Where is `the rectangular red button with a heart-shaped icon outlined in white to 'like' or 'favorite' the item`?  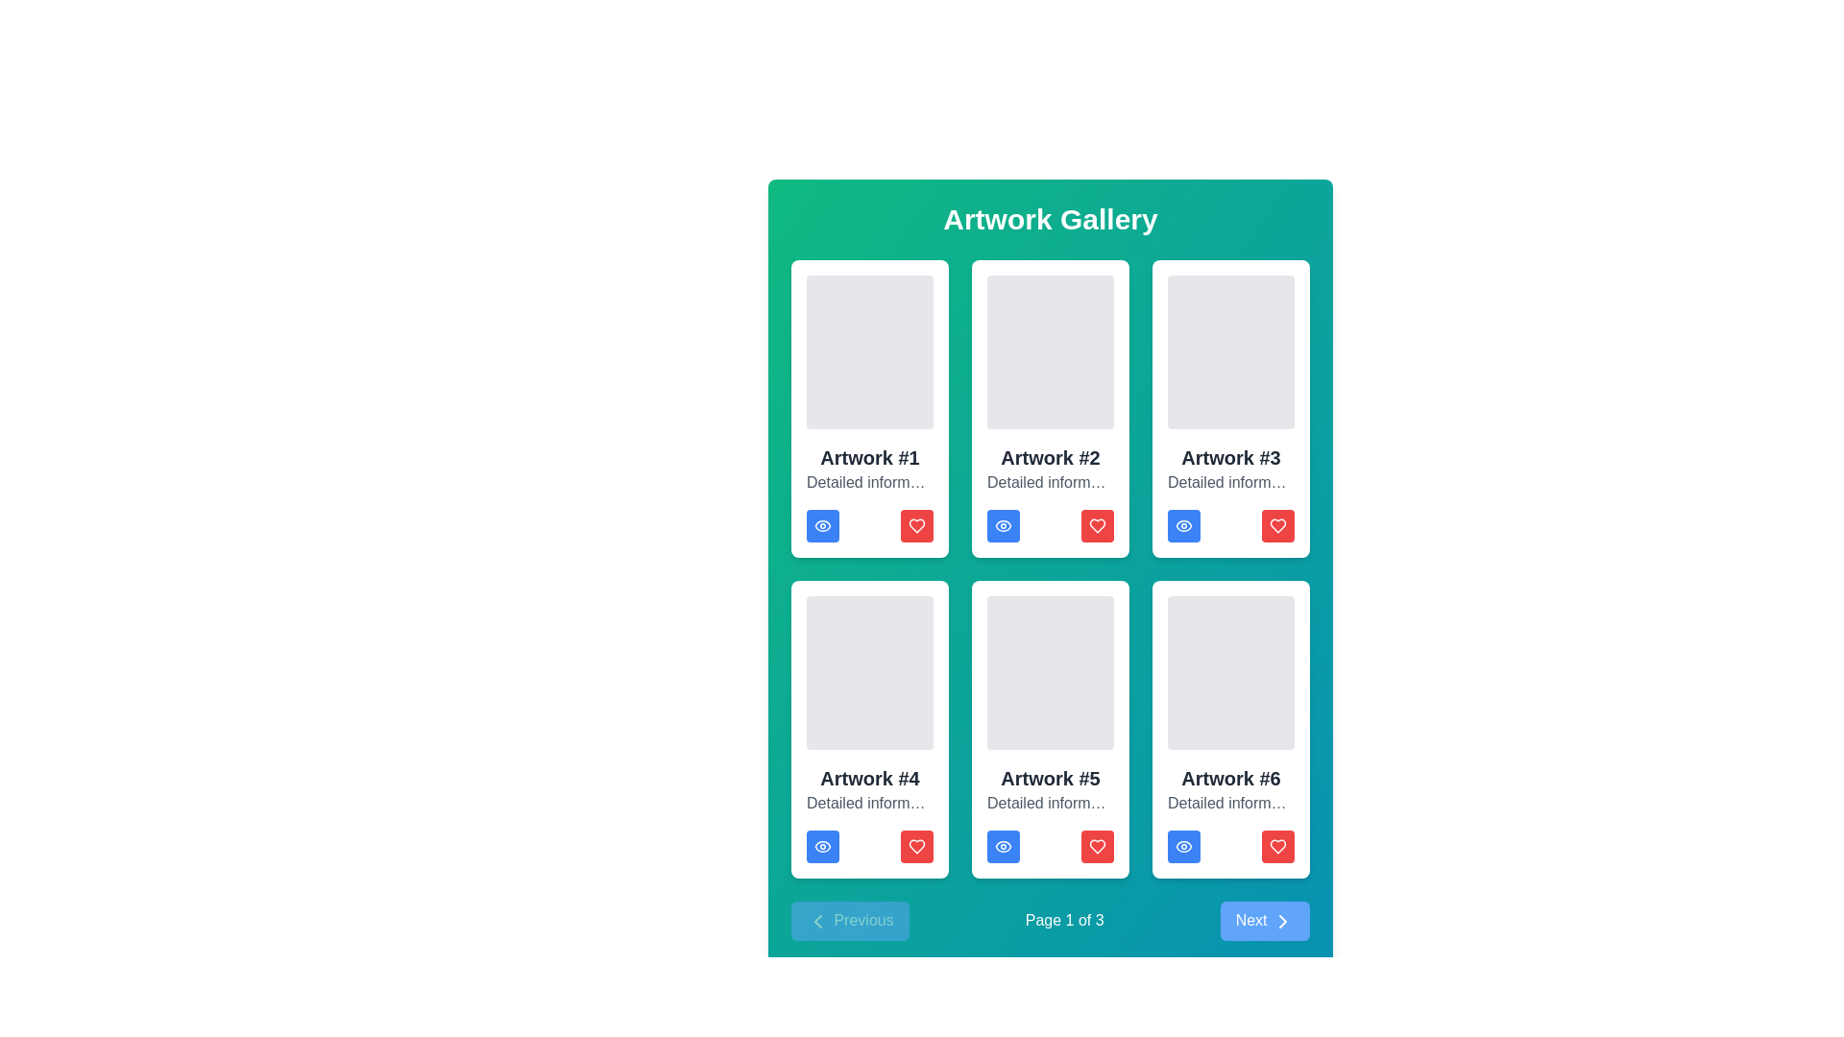 the rectangular red button with a heart-shaped icon outlined in white to 'like' or 'favorite' the item is located at coordinates (1097, 525).